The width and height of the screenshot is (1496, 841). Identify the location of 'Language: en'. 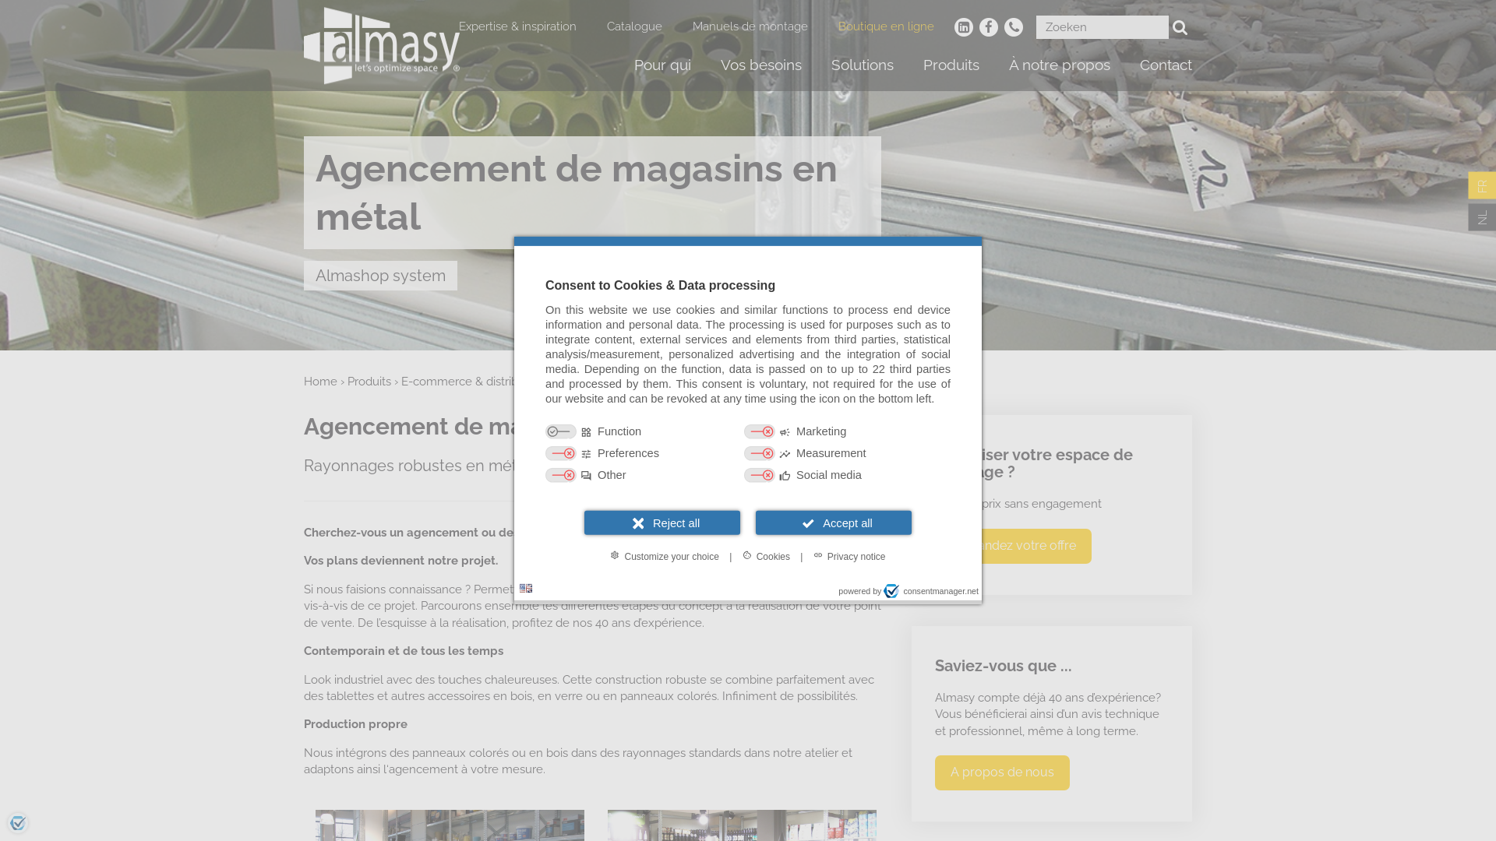
(520, 588).